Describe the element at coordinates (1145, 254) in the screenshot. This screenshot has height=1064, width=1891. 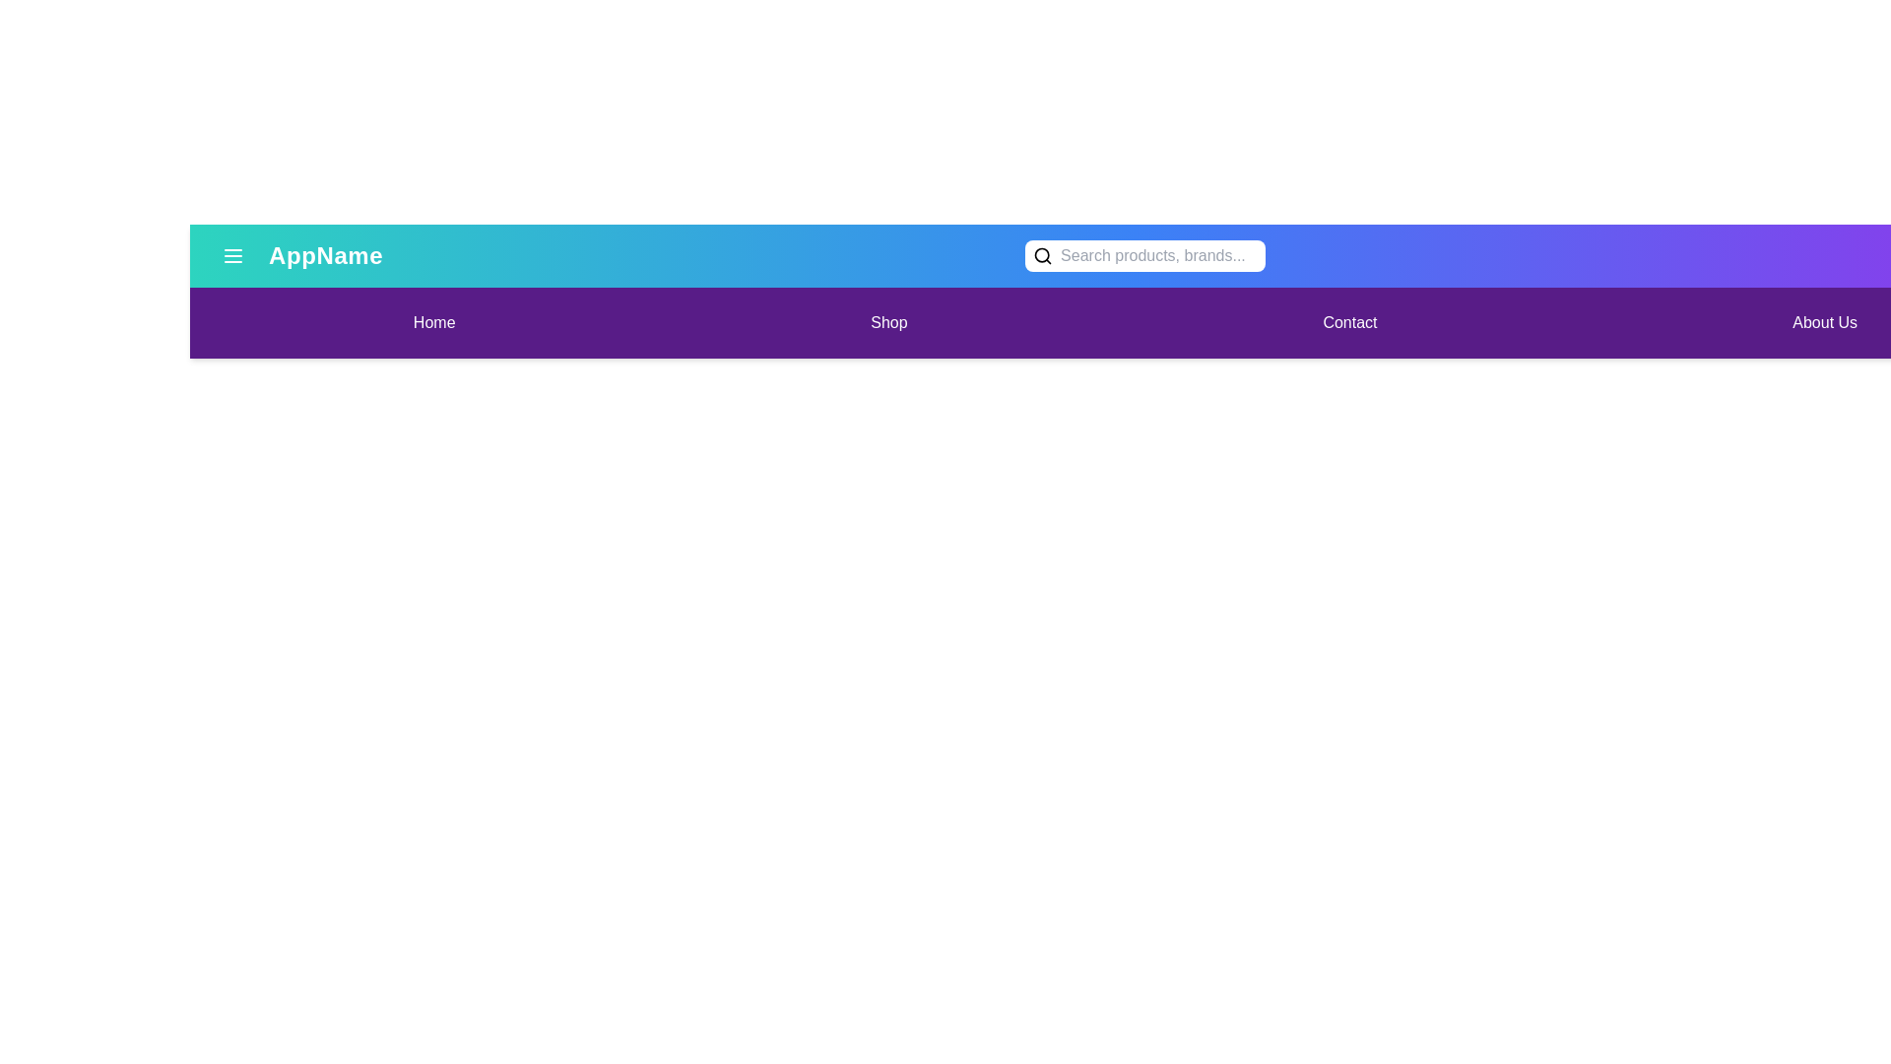
I see `the search input field, which is a horizontally rectangular bar with a white background and a magnifying glass icon, to focus and write search terms` at that location.